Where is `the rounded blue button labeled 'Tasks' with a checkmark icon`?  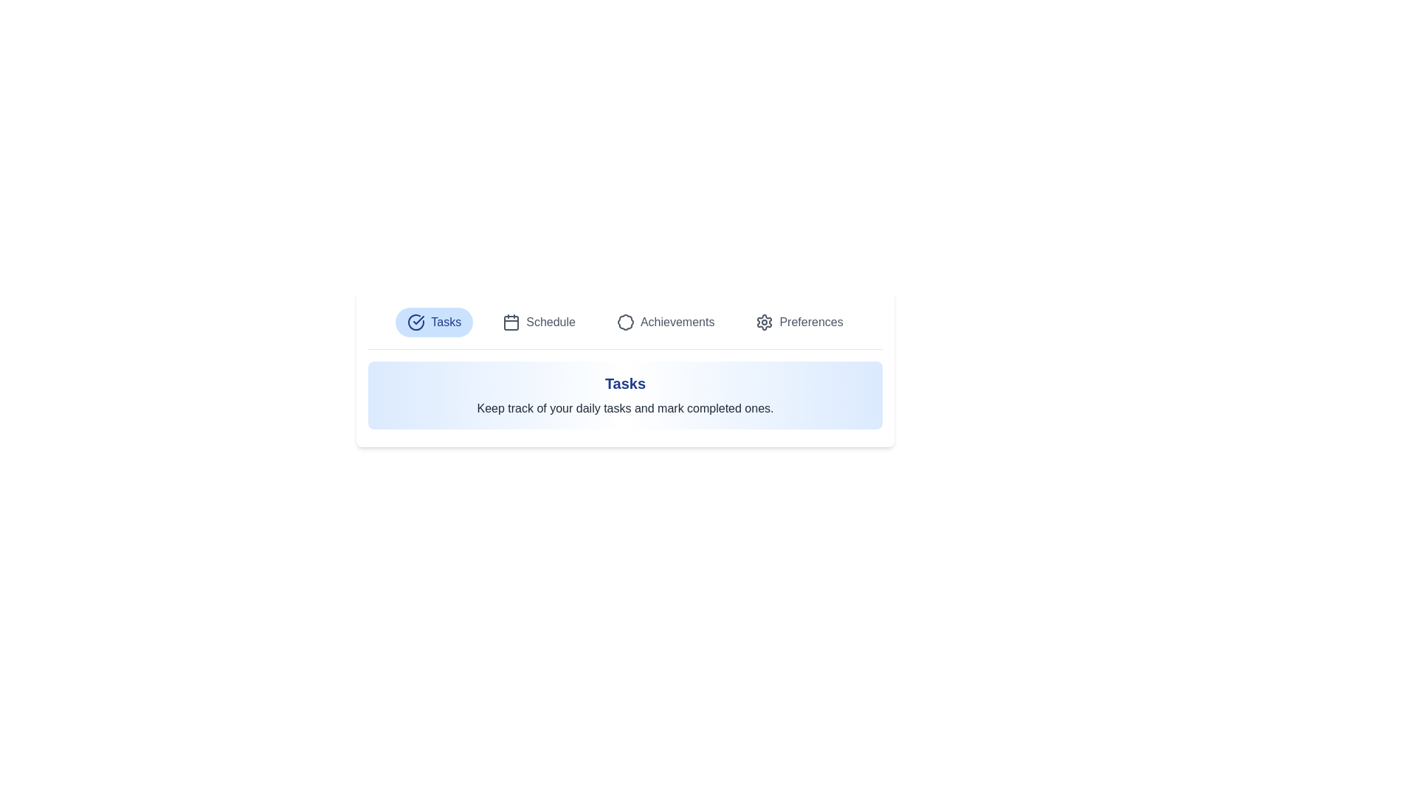 the rounded blue button labeled 'Tasks' with a checkmark icon is located at coordinates (433, 321).